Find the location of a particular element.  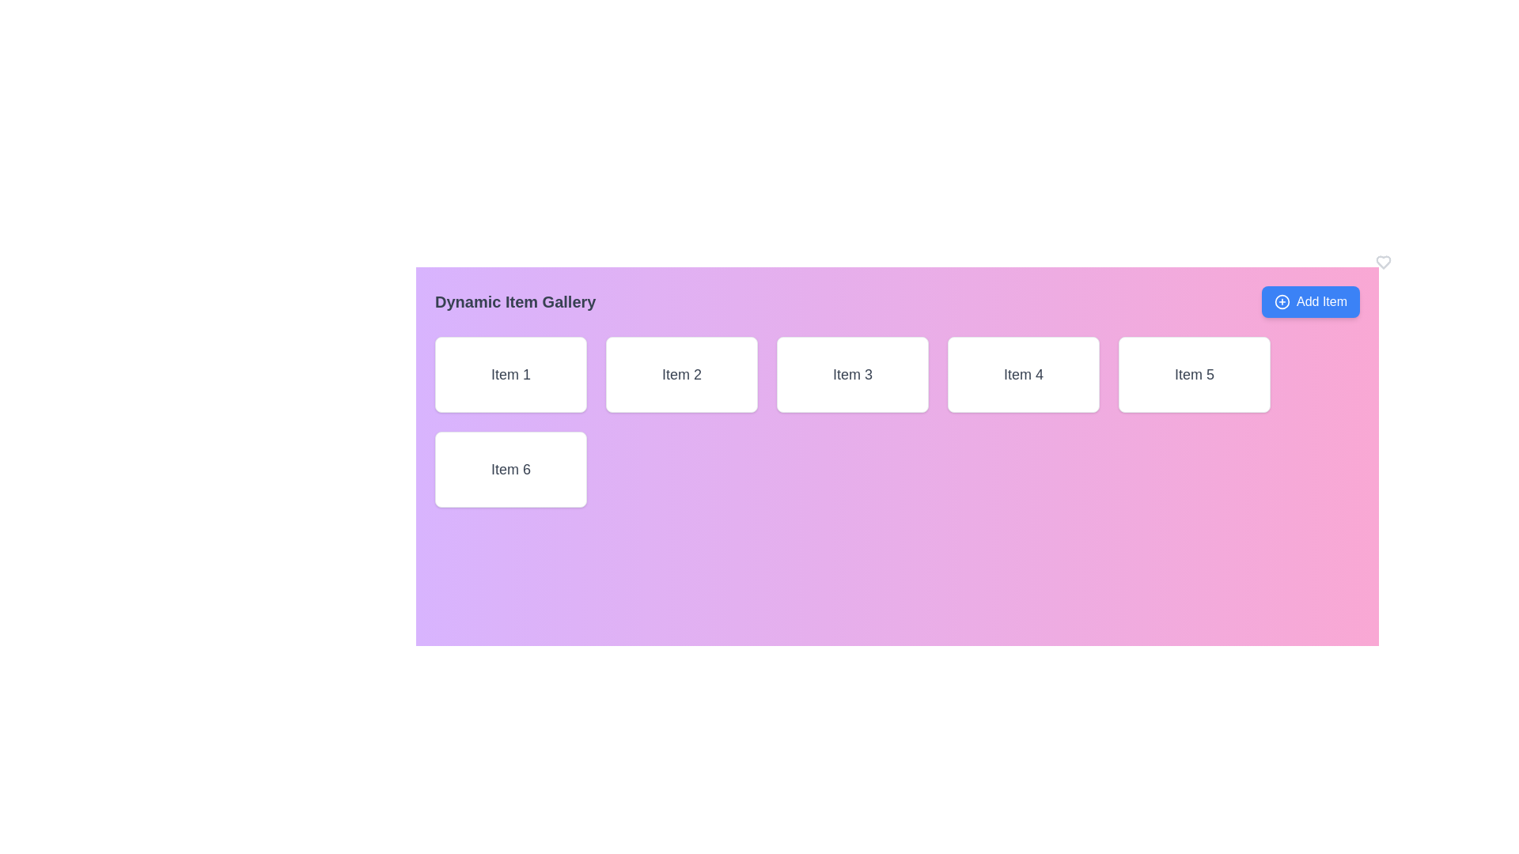

the text label displaying 'Item 3', which is centered in the third card of a horizontally aligned grid layout is located at coordinates (852, 375).